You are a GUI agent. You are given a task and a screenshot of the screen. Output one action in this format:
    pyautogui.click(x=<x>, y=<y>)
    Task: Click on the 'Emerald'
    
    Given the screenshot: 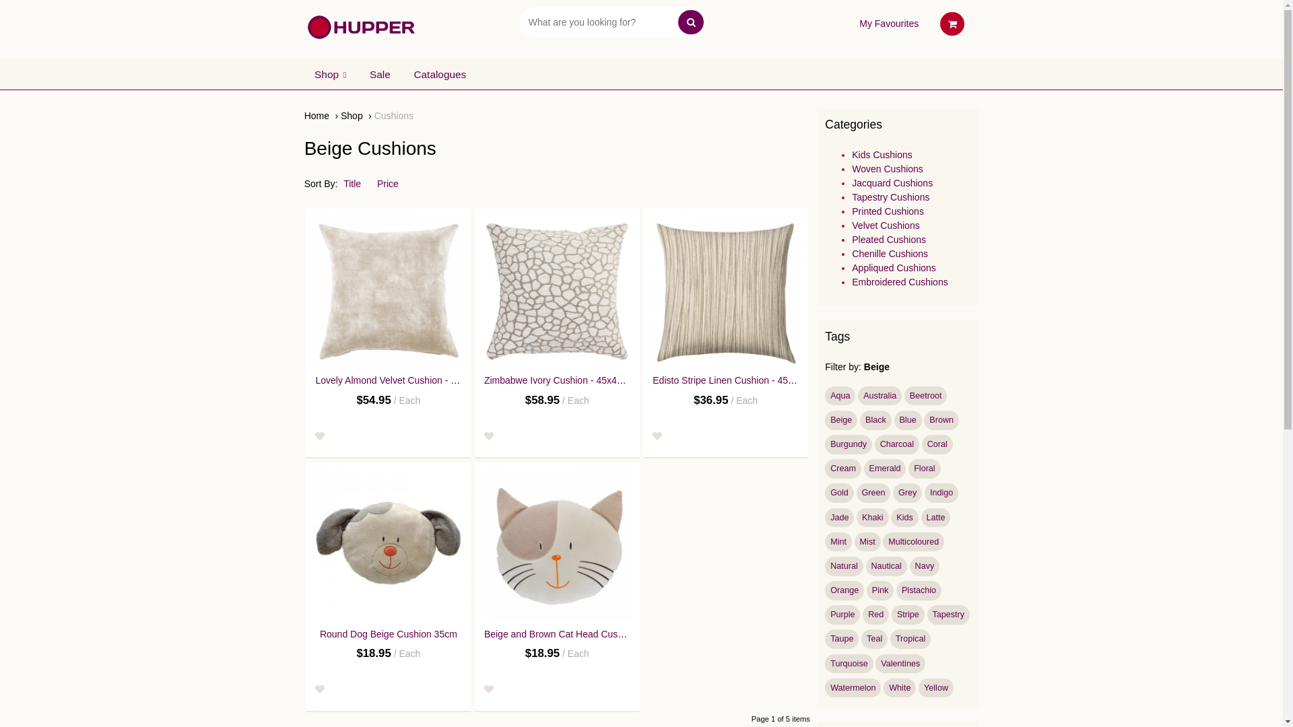 What is the action you would take?
    pyautogui.click(x=885, y=468)
    